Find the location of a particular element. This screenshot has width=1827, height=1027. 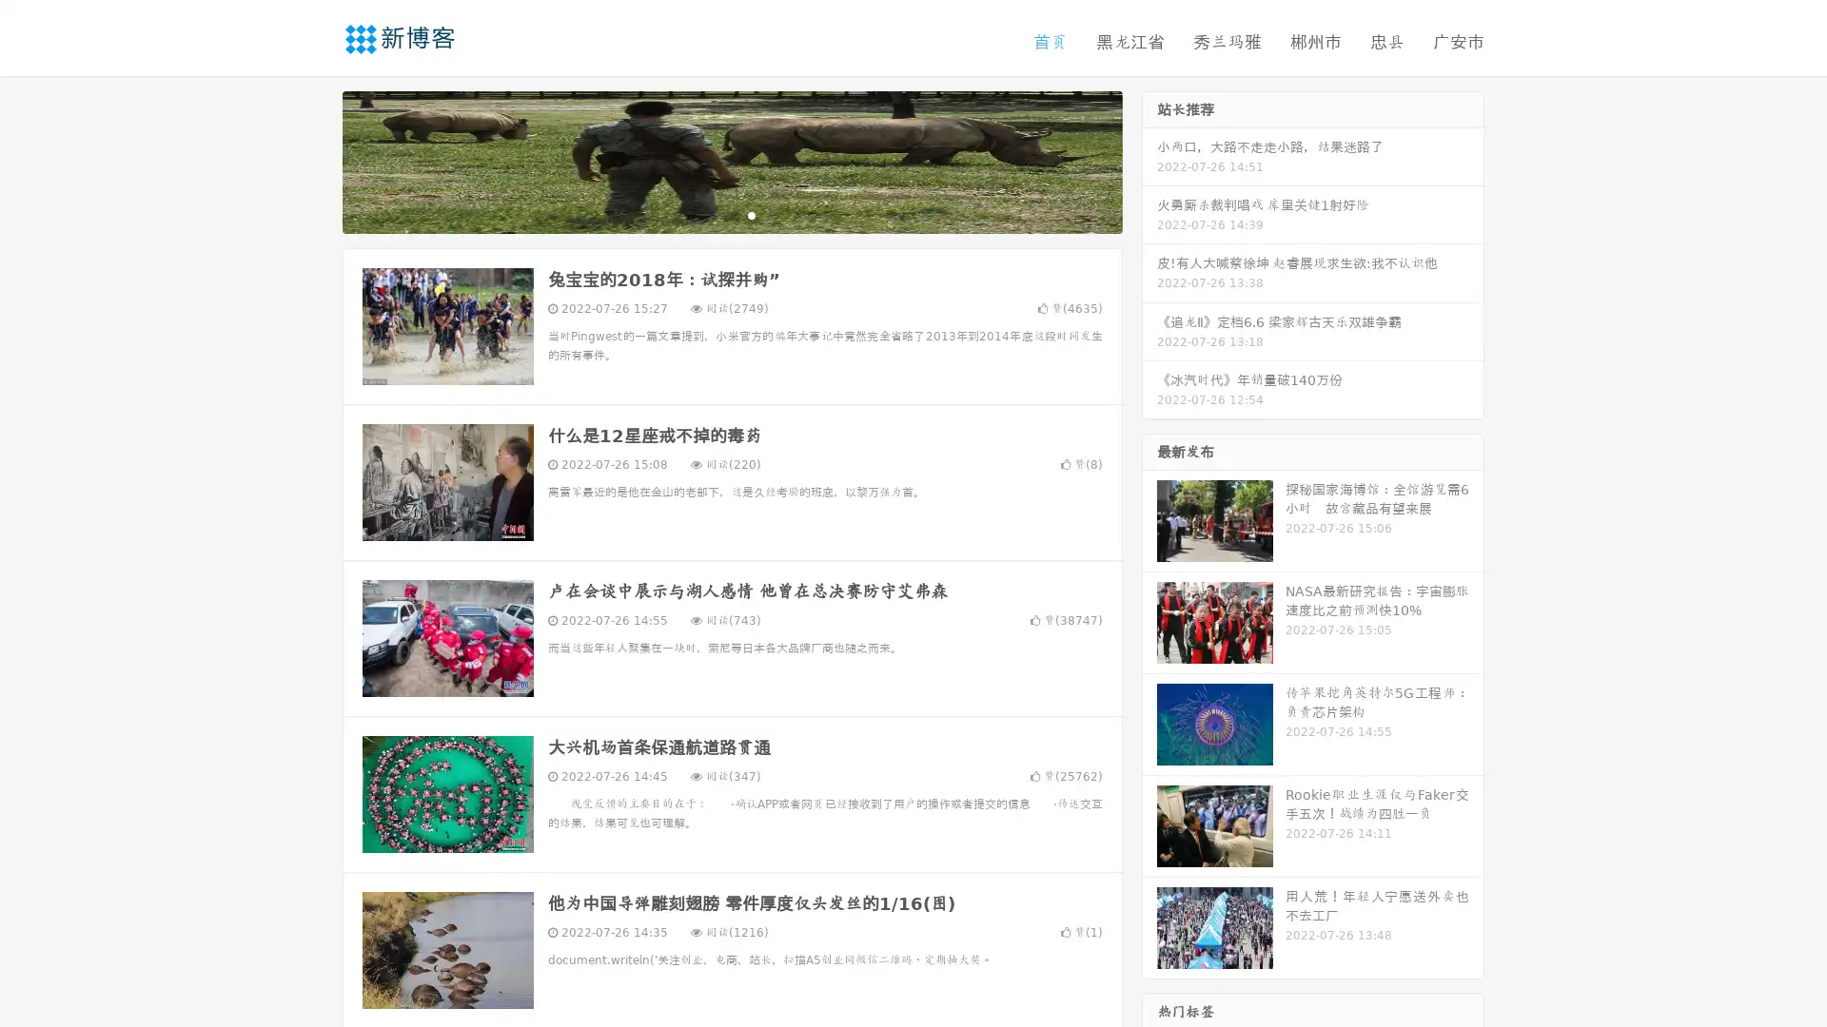

Go to slide 2 is located at coordinates (731, 214).